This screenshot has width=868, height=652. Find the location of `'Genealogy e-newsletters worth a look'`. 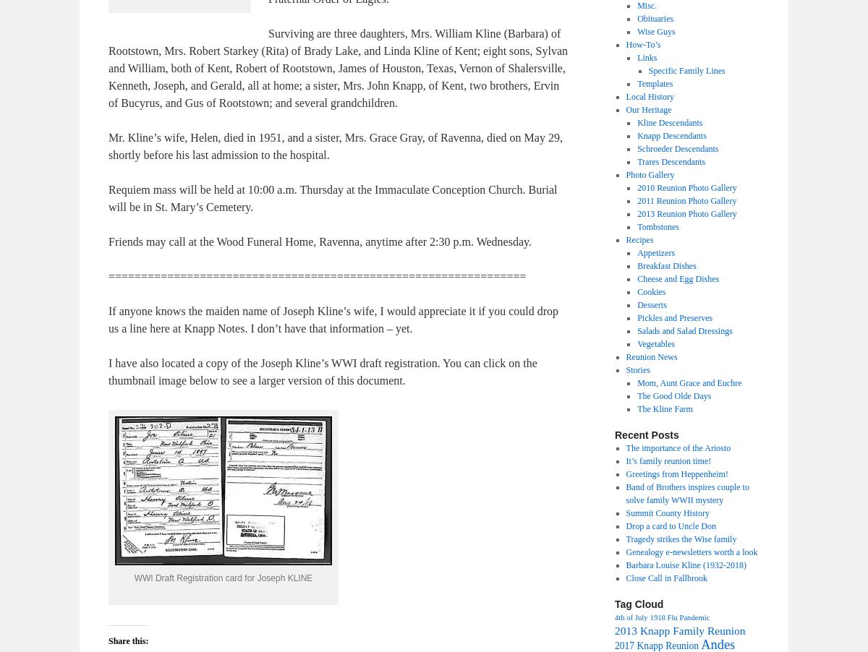

'Genealogy e-newsletters worth a look' is located at coordinates (624, 551).